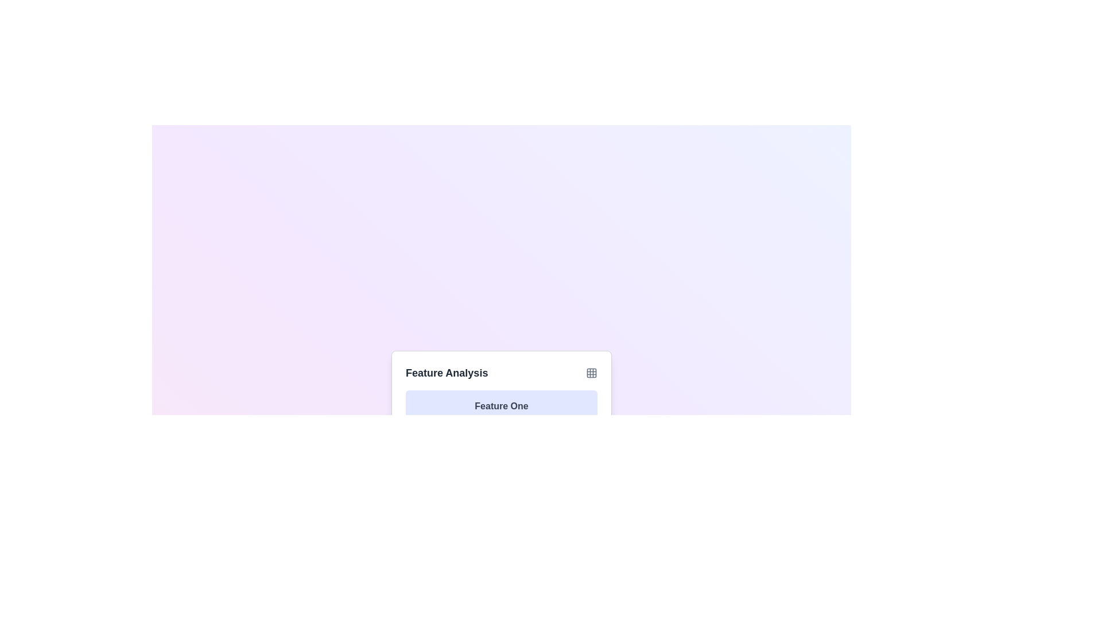 This screenshot has width=1102, height=620. What do you see at coordinates (501, 447) in the screenshot?
I see `the first row of the grid in the 'Feature Analysis' panel to inspect details related to 'Feature One.'` at bounding box center [501, 447].